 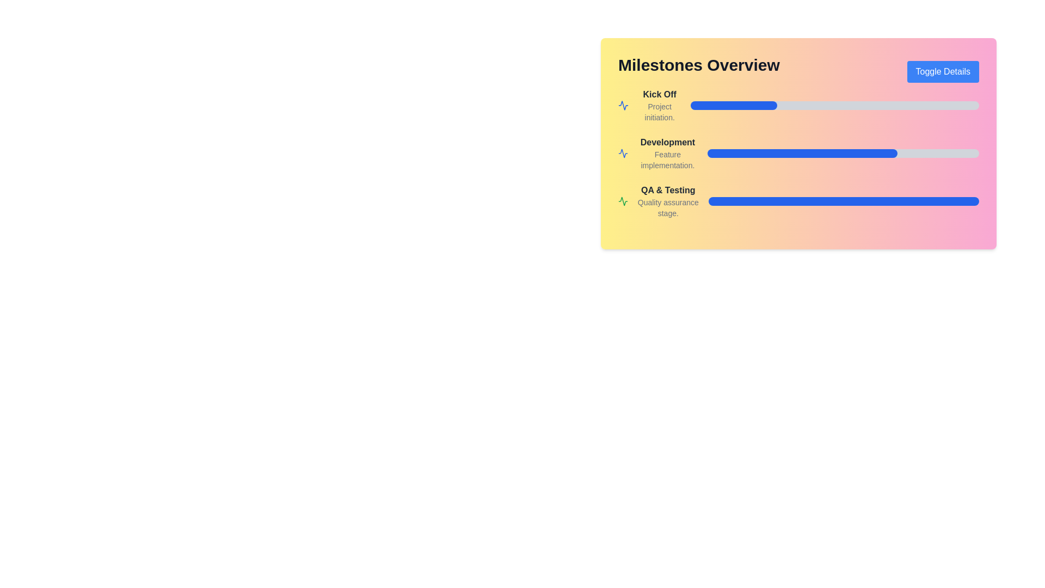 I want to click on the second milestone element in the Milestones Overview section, which includes a title, subtitle, and progress bar, so click(x=798, y=136).